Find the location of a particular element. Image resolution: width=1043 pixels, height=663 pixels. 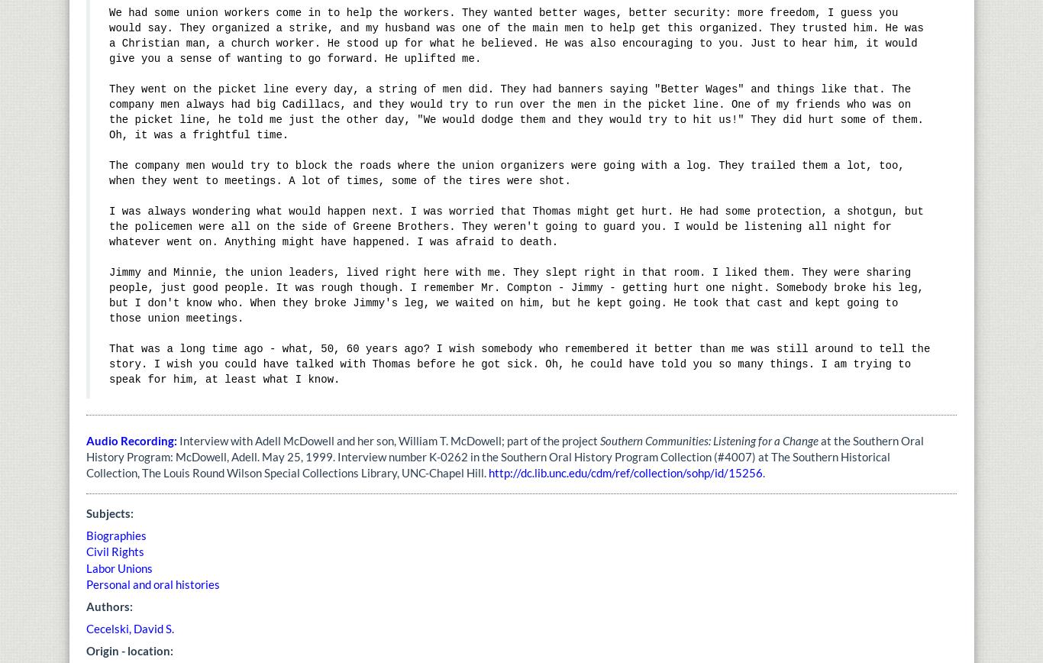

'Interview with Adell McDowell and her son, William T. McDowell; part of the project' is located at coordinates (388, 440).